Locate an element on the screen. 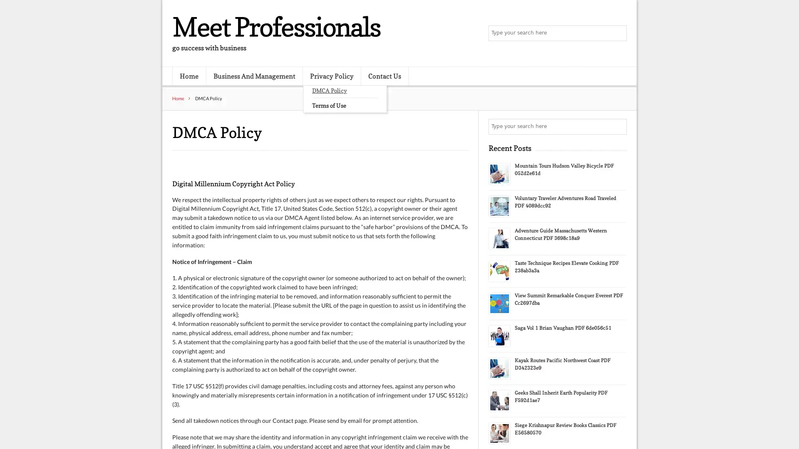 The width and height of the screenshot is (799, 449). Search is located at coordinates (618, 126).